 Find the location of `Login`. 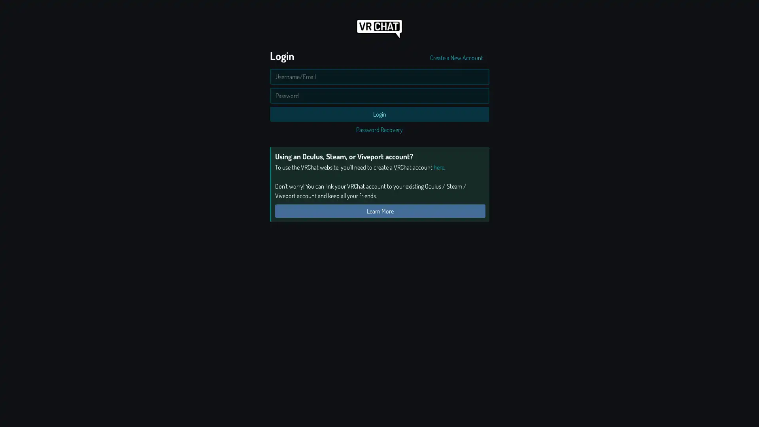

Login is located at coordinates (379, 114).